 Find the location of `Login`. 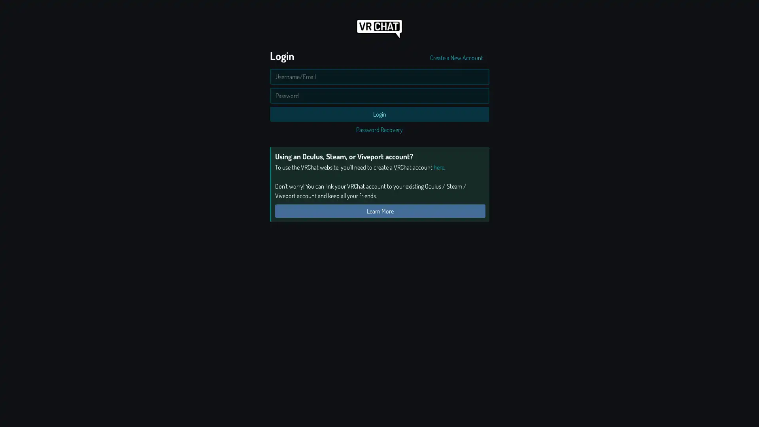

Login is located at coordinates (379, 114).